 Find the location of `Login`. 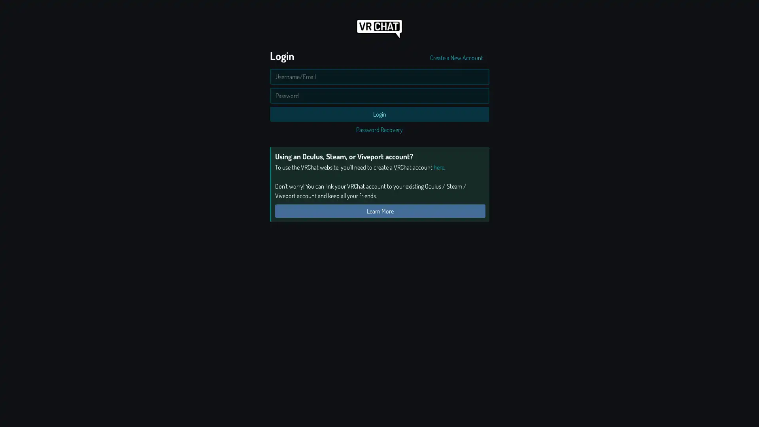

Login is located at coordinates (379, 114).